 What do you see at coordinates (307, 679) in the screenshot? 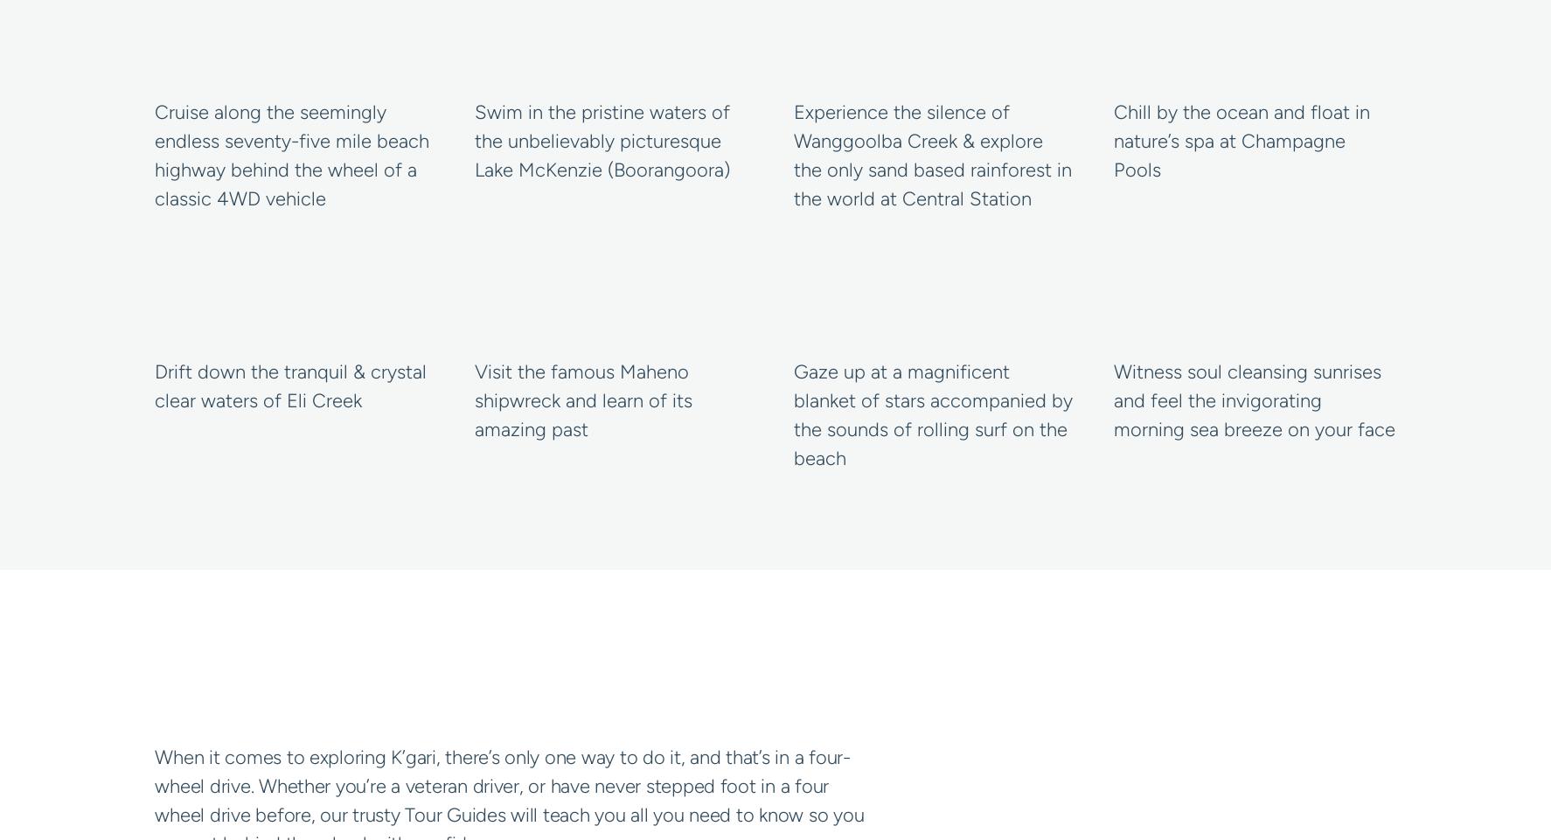
I see `'WHEEL DRIVING'` at bounding box center [307, 679].